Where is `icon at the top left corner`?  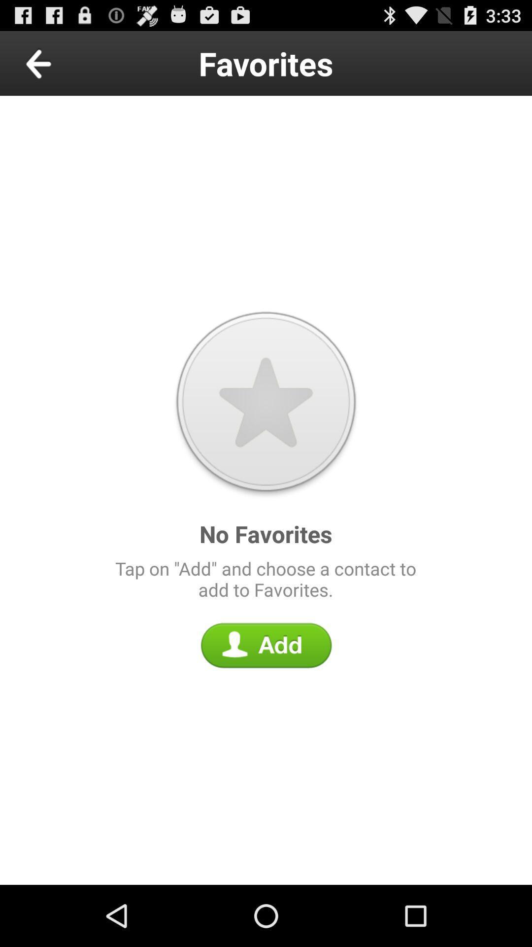 icon at the top left corner is located at coordinates (61, 63).